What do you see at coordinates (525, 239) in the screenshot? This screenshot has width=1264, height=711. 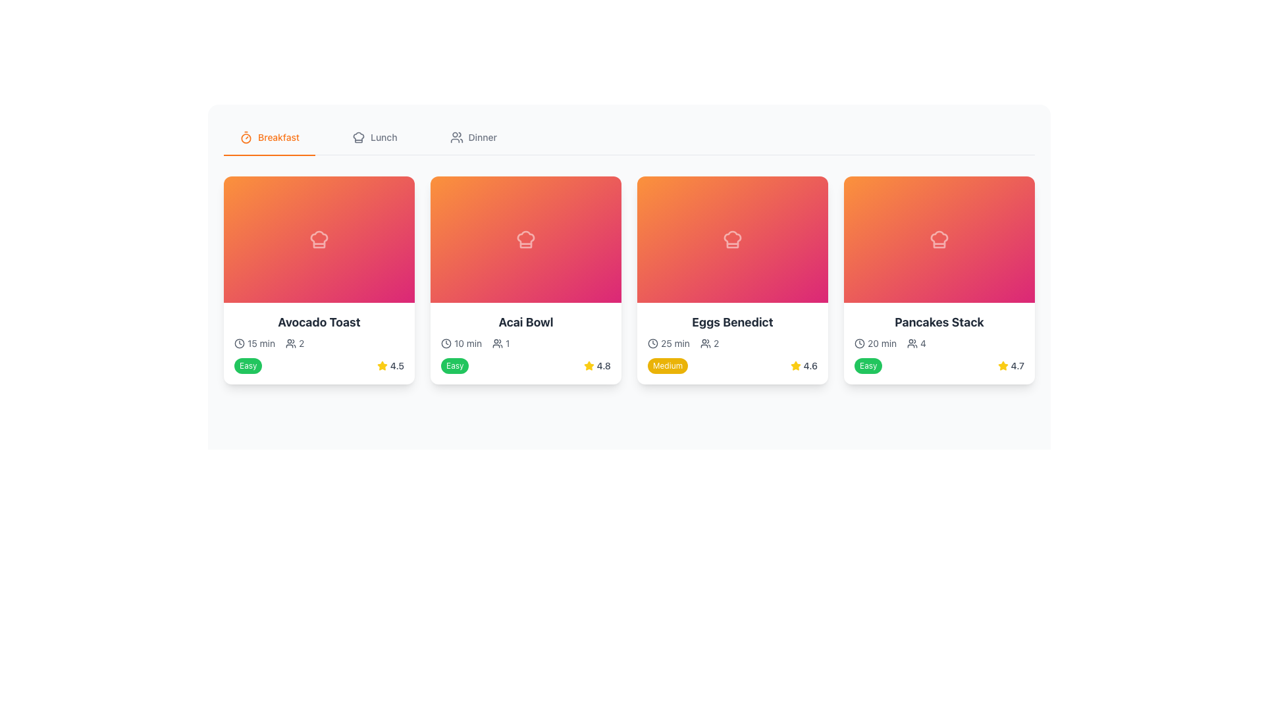 I see `the chef hat icon located at the center of the second recipe card from the left, which represents the 'Acai Bowl'` at bounding box center [525, 239].